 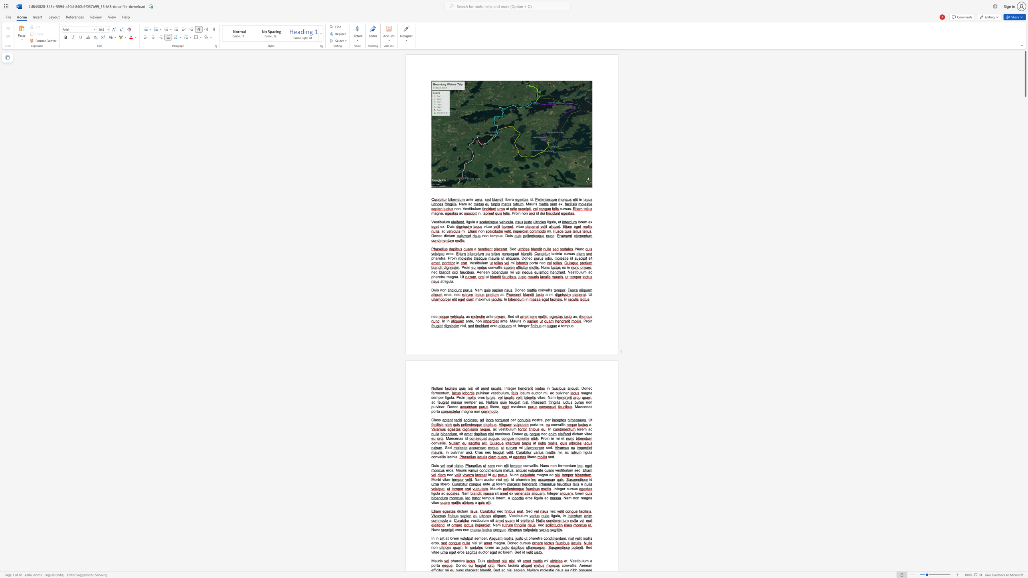 What do you see at coordinates (538, 539) in the screenshot?
I see `the 1th character "t" in the text` at bounding box center [538, 539].